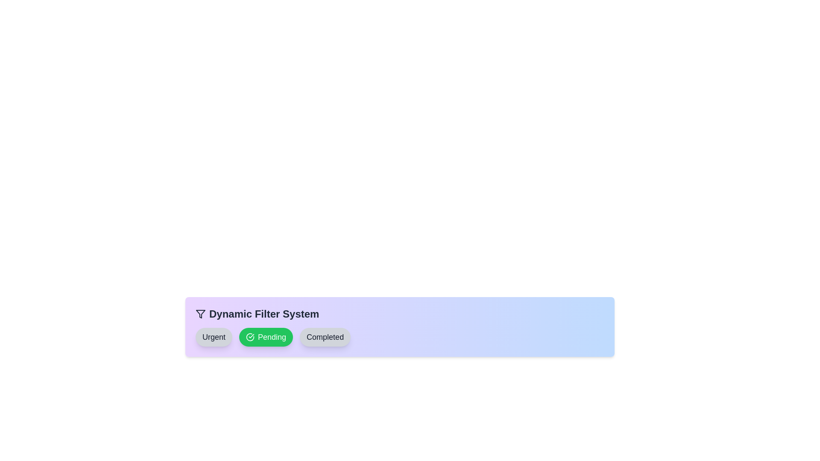 The image size is (820, 461). I want to click on center of the 'Urgent' filter chip to toggle its state, so click(214, 337).